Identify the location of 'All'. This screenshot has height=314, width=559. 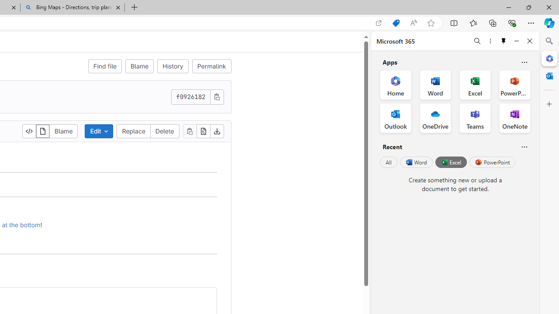
(388, 162).